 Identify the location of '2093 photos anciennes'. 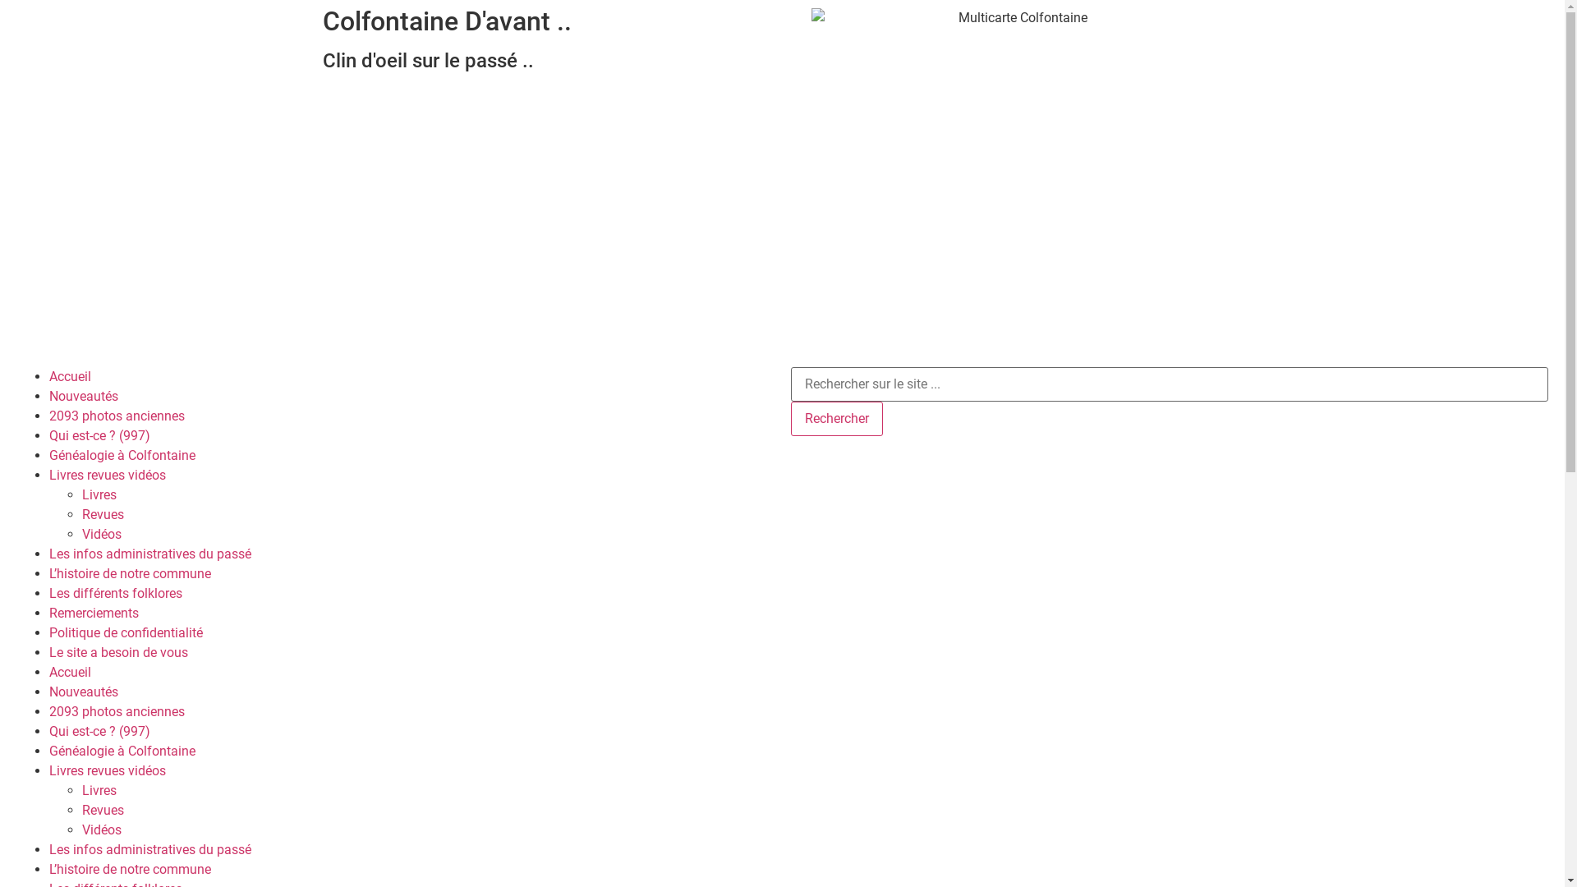
(116, 415).